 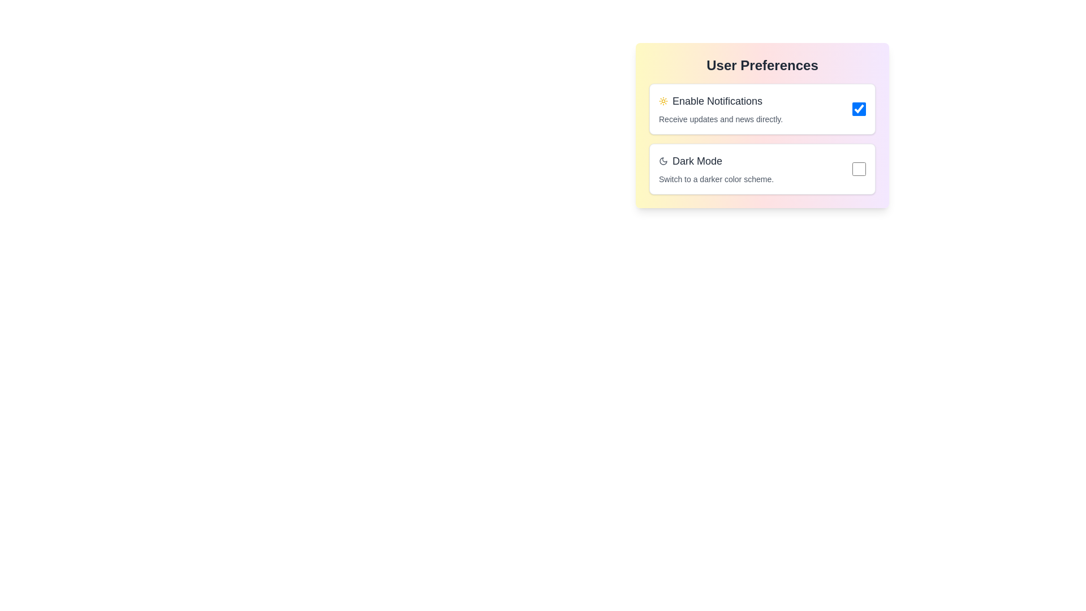 I want to click on the 'Dark Mode' label with a moon-shaped icon located in the 'User Preferences' settings card, which is the second option below 'Enable Notifications', so click(x=716, y=161).